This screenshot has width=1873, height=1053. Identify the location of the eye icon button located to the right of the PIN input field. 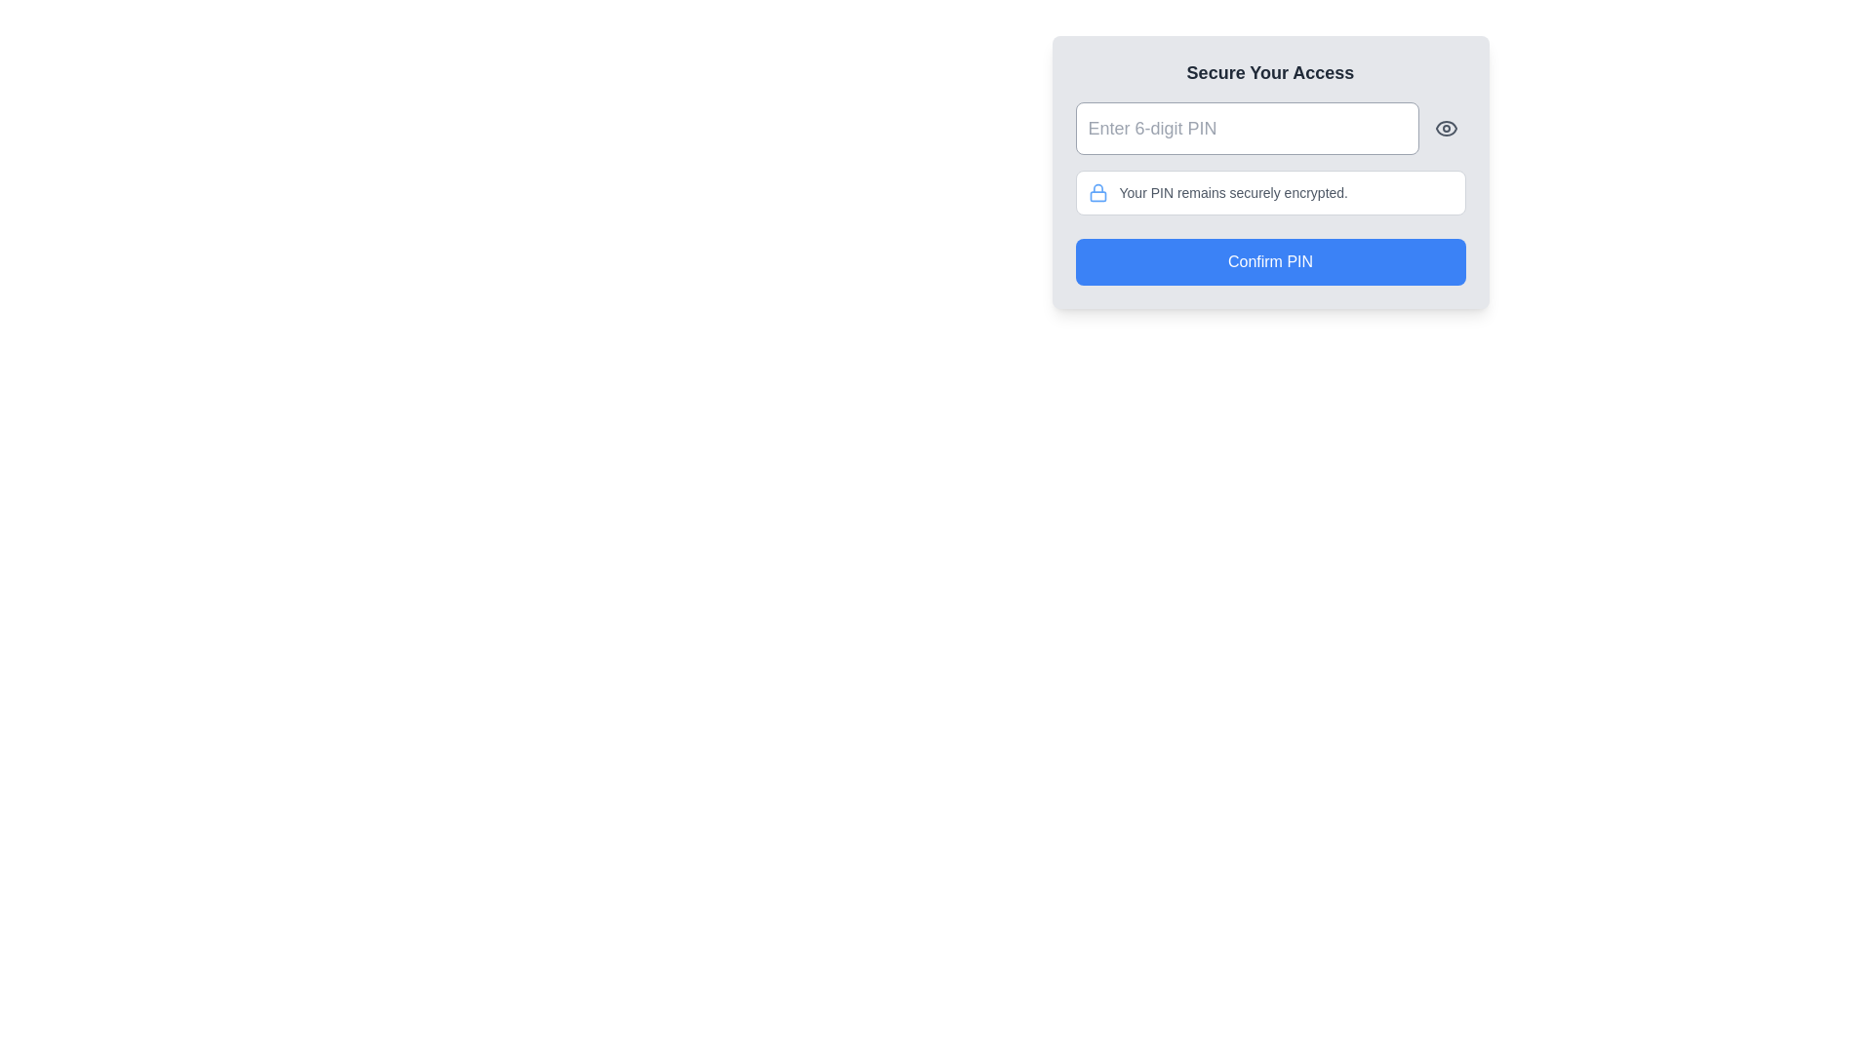
(1446, 128).